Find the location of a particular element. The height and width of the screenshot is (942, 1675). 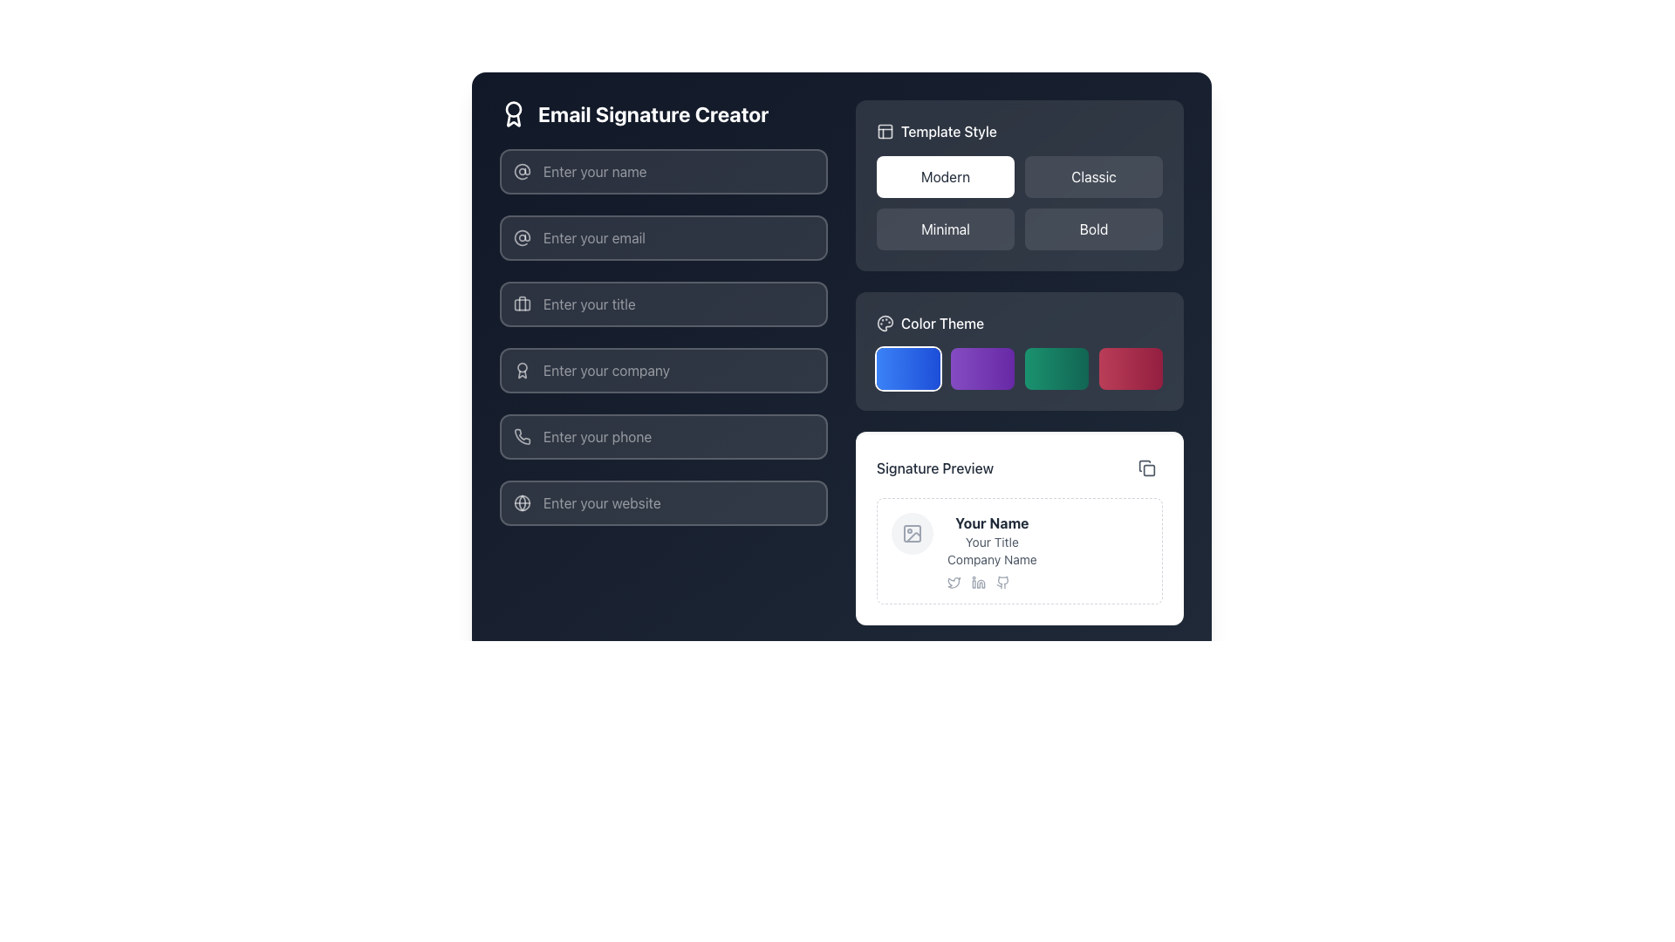

the first blue button in the color theme selection section is located at coordinates (927, 372).